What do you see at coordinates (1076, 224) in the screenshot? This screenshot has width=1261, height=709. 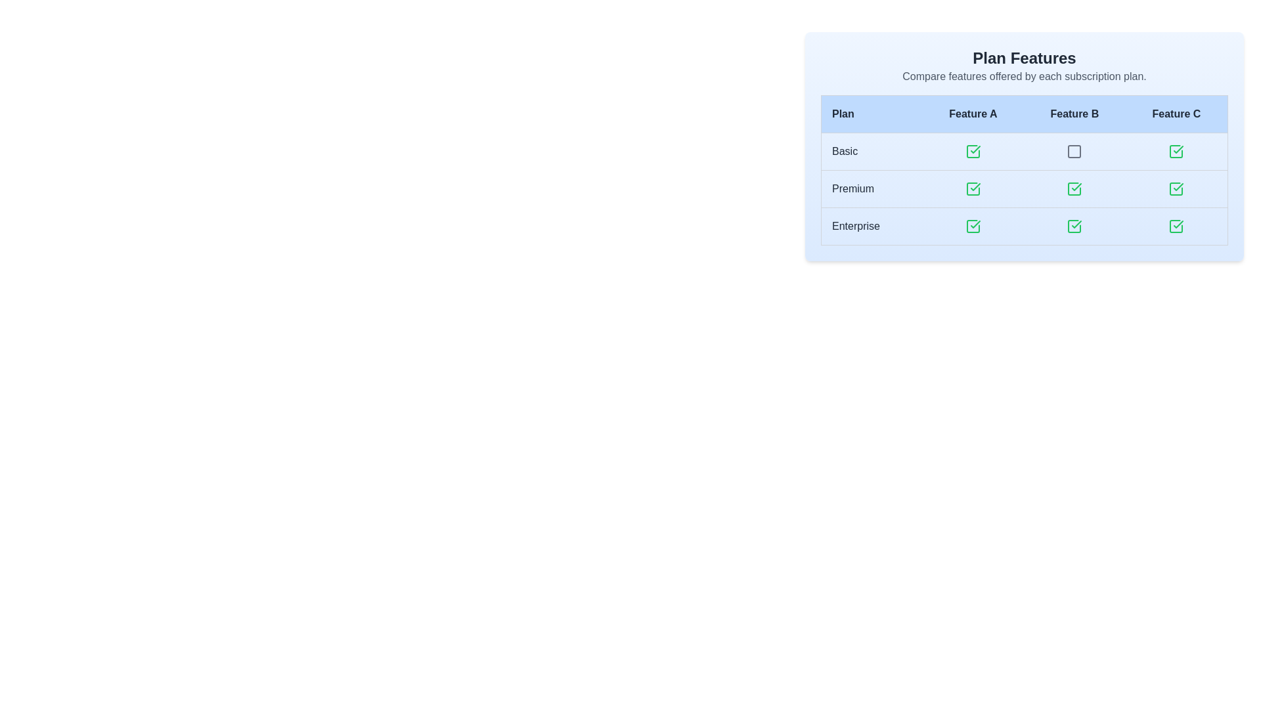 I see `the state of the checkmark icon with a green outline located in the 'Enterprise' subscription plan under 'Feature B' in the feature comparison table` at bounding box center [1076, 224].